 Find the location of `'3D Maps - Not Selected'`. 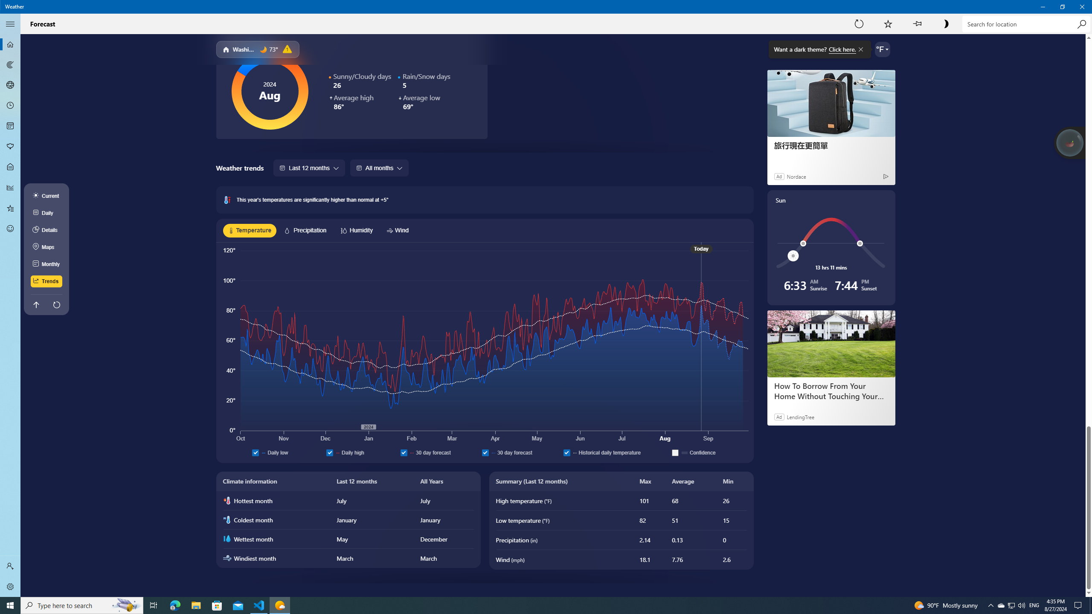

'3D Maps - Not Selected' is located at coordinates (10, 85).